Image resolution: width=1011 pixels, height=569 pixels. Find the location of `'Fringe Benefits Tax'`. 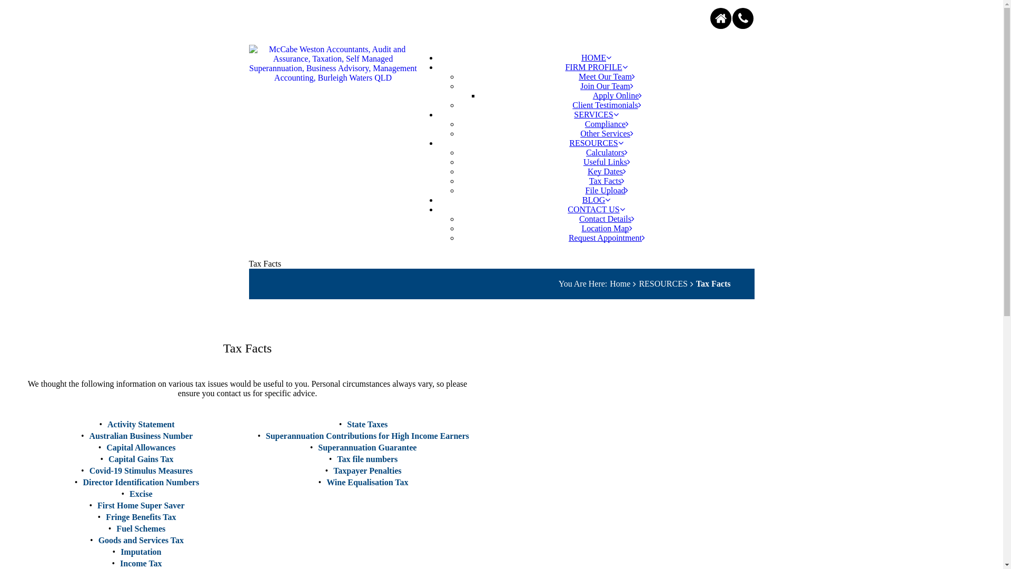

'Fringe Benefits Tax' is located at coordinates (106, 516).